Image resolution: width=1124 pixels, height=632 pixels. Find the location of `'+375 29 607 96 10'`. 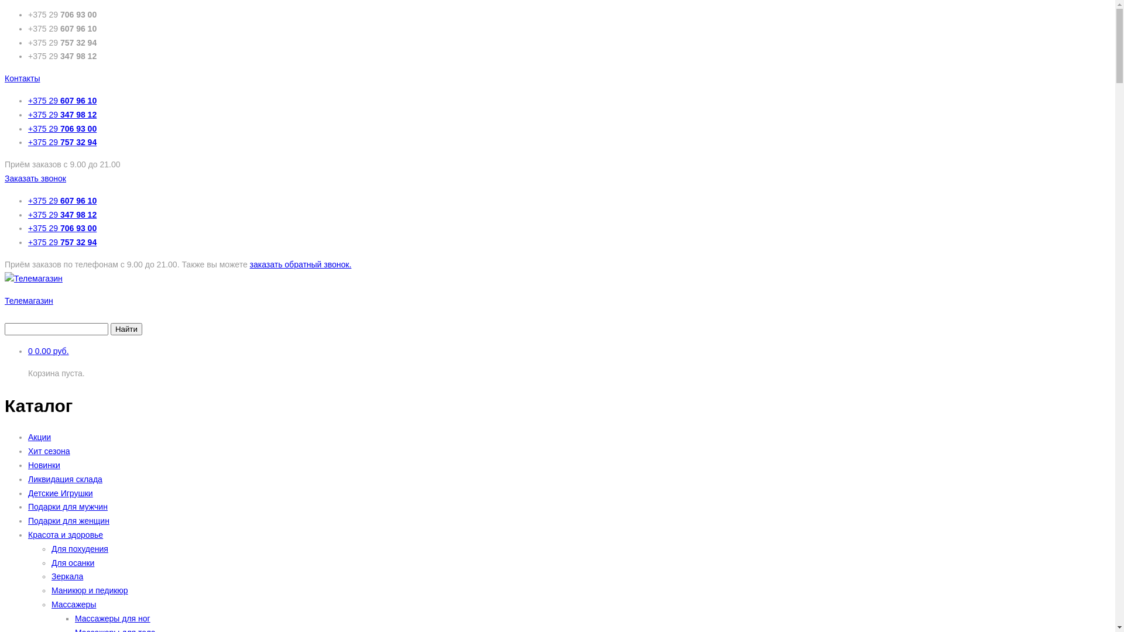

'+375 29 607 96 10' is located at coordinates (61, 200).